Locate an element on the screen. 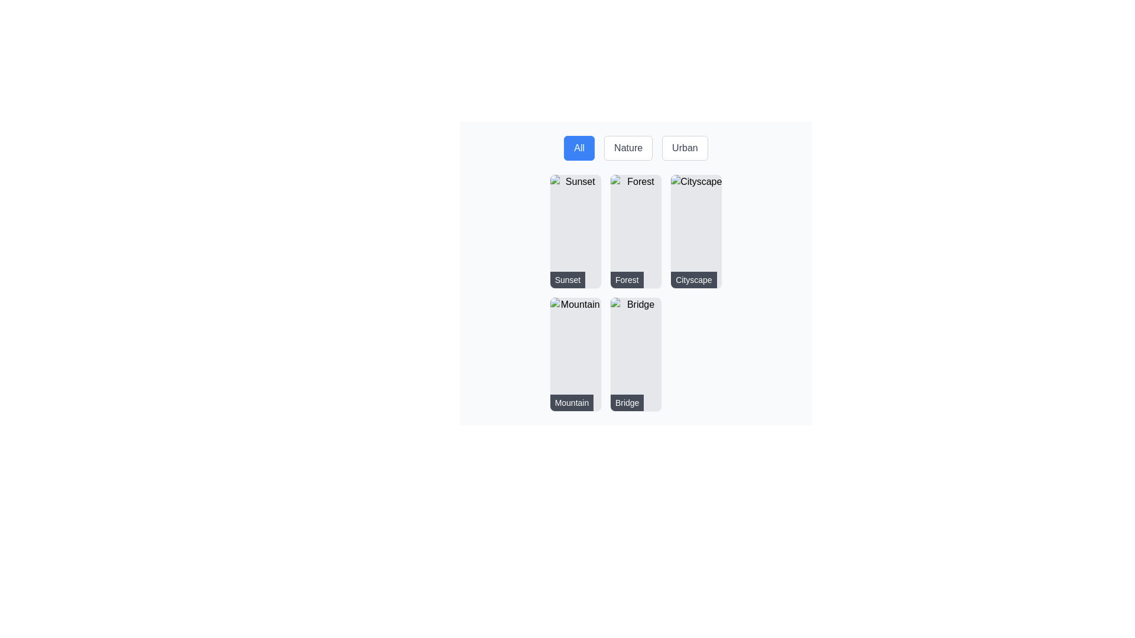  the 'Forest' card is located at coordinates (635, 232).